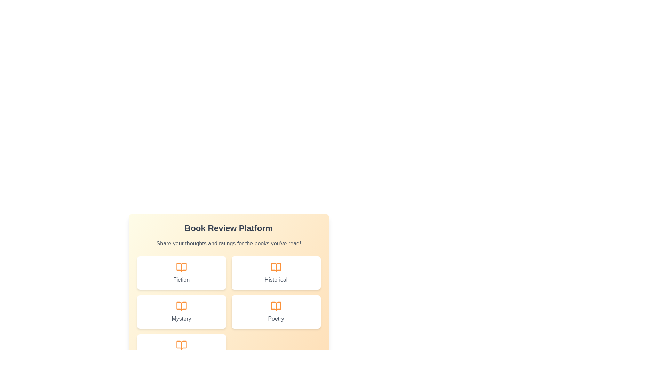 The width and height of the screenshot is (668, 376). What do you see at coordinates (181, 351) in the screenshot?
I see `the button for selecting the 'Science' category, located in the bottom-left corner of the grid layout, below 'Mystery' and 'Poetry'` at bounding box center [181, 351].